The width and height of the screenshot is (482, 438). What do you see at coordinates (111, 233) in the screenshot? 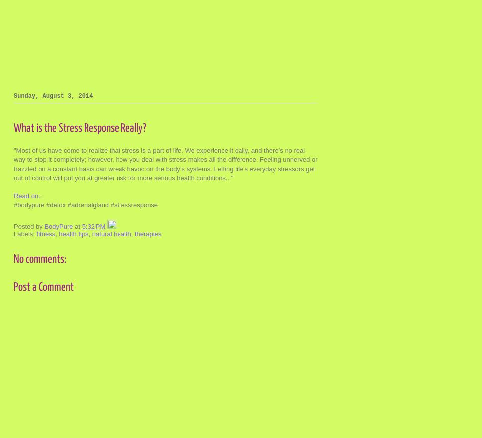
I see `'natural health'` at bounding box center [111, 233].